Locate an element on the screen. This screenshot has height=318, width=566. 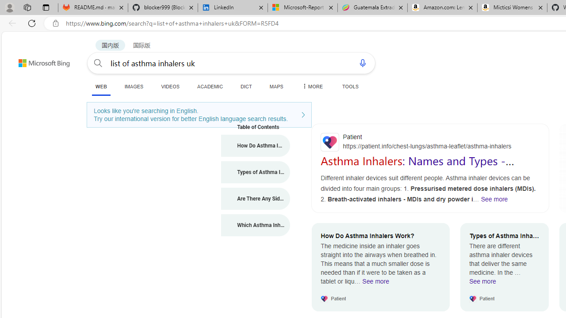
'ACADEMIC' is located at coordinates (210, 86).